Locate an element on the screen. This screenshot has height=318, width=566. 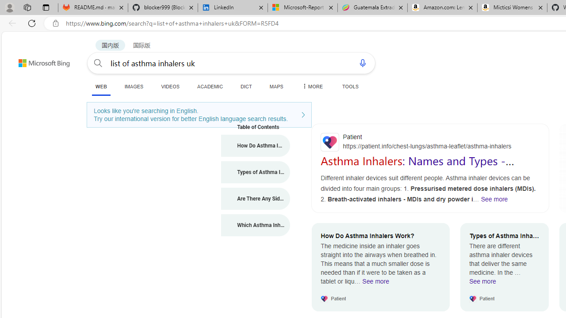
'ACADEMIC' is located at coordinates (210, 86).